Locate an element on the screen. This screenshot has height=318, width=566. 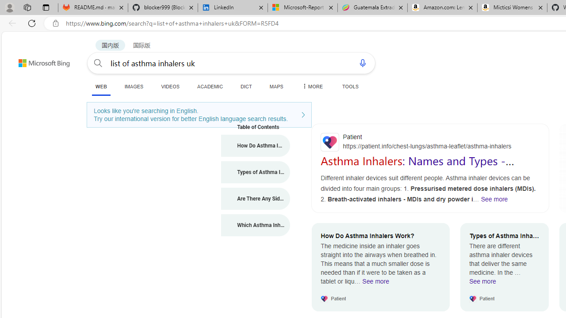
'ACADEMIC' is located at coordinates (210, 86).